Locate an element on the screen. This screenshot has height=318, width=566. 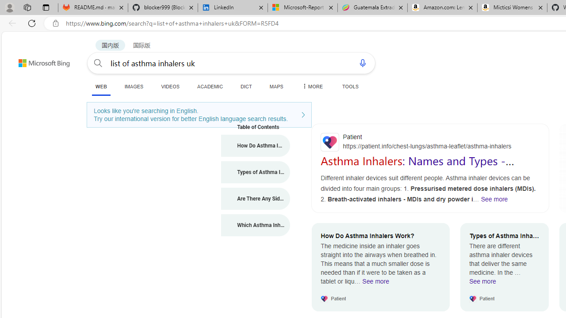
'ACADEMIC' is located at coordinates (210, 86).